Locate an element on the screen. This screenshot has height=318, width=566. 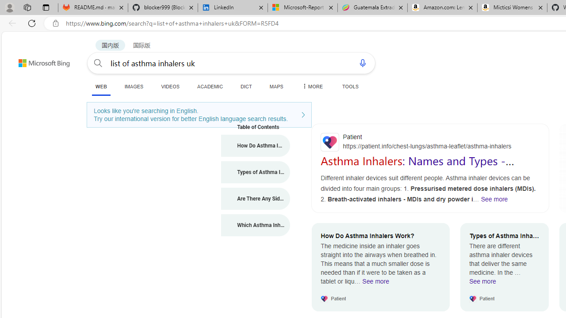
'ACADEMIC' is located at coordinates (210, 86).